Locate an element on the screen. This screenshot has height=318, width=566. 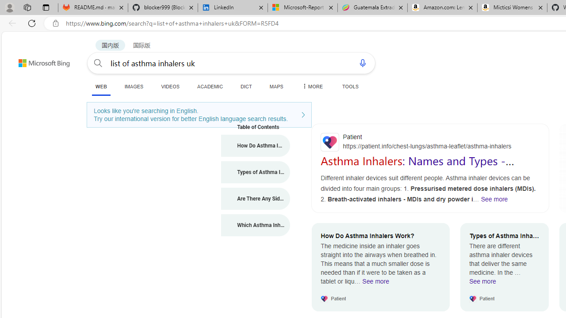
'ACADEMIC' is located at coordinates (210, 86).